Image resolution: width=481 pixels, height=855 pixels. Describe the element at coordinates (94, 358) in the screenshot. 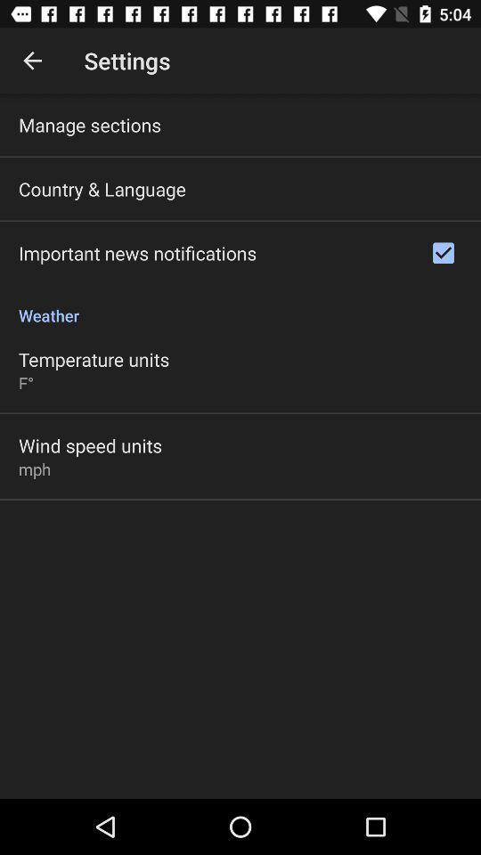

I see `temperature units item` at that location.